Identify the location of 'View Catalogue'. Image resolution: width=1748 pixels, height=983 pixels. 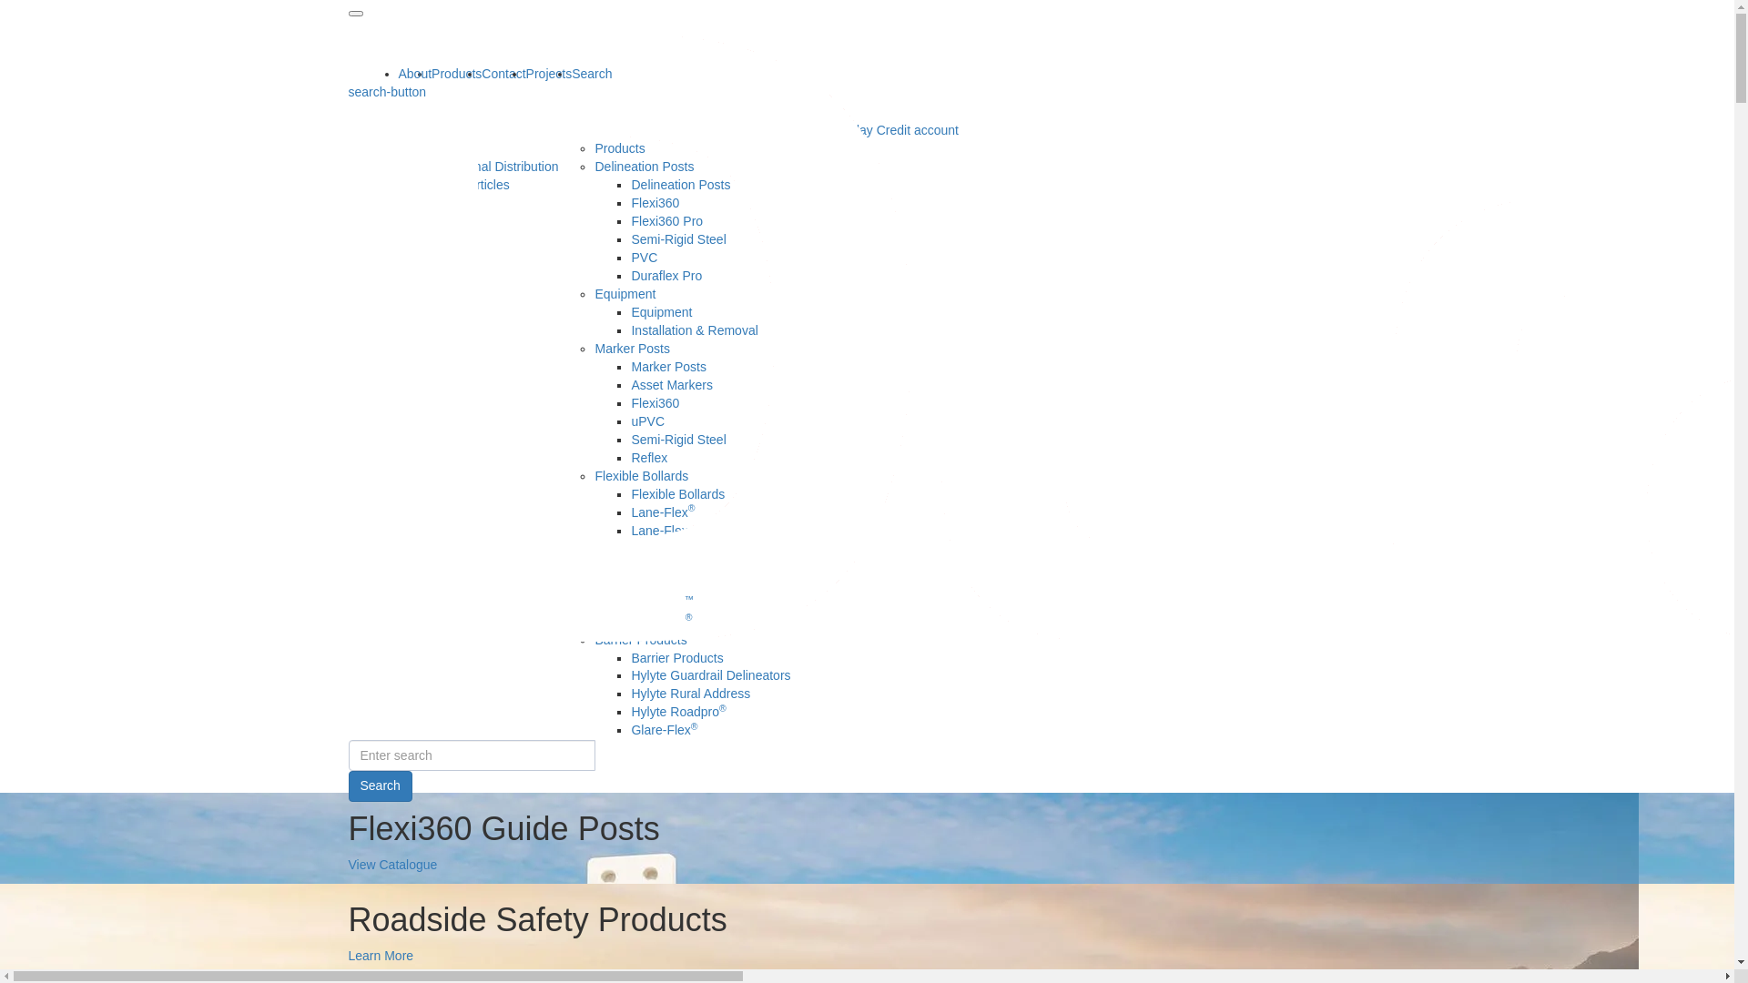
(391, 863).